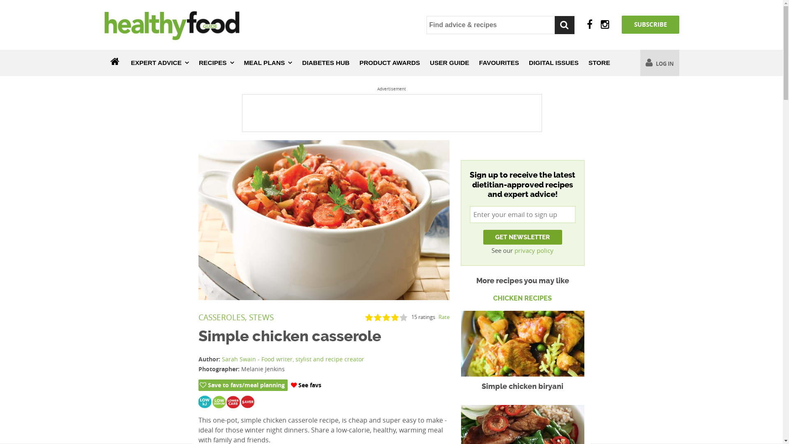 The height and width of the screenshot is (444, 789). I want to click on 'USER GUIDE', so click(449, 62).